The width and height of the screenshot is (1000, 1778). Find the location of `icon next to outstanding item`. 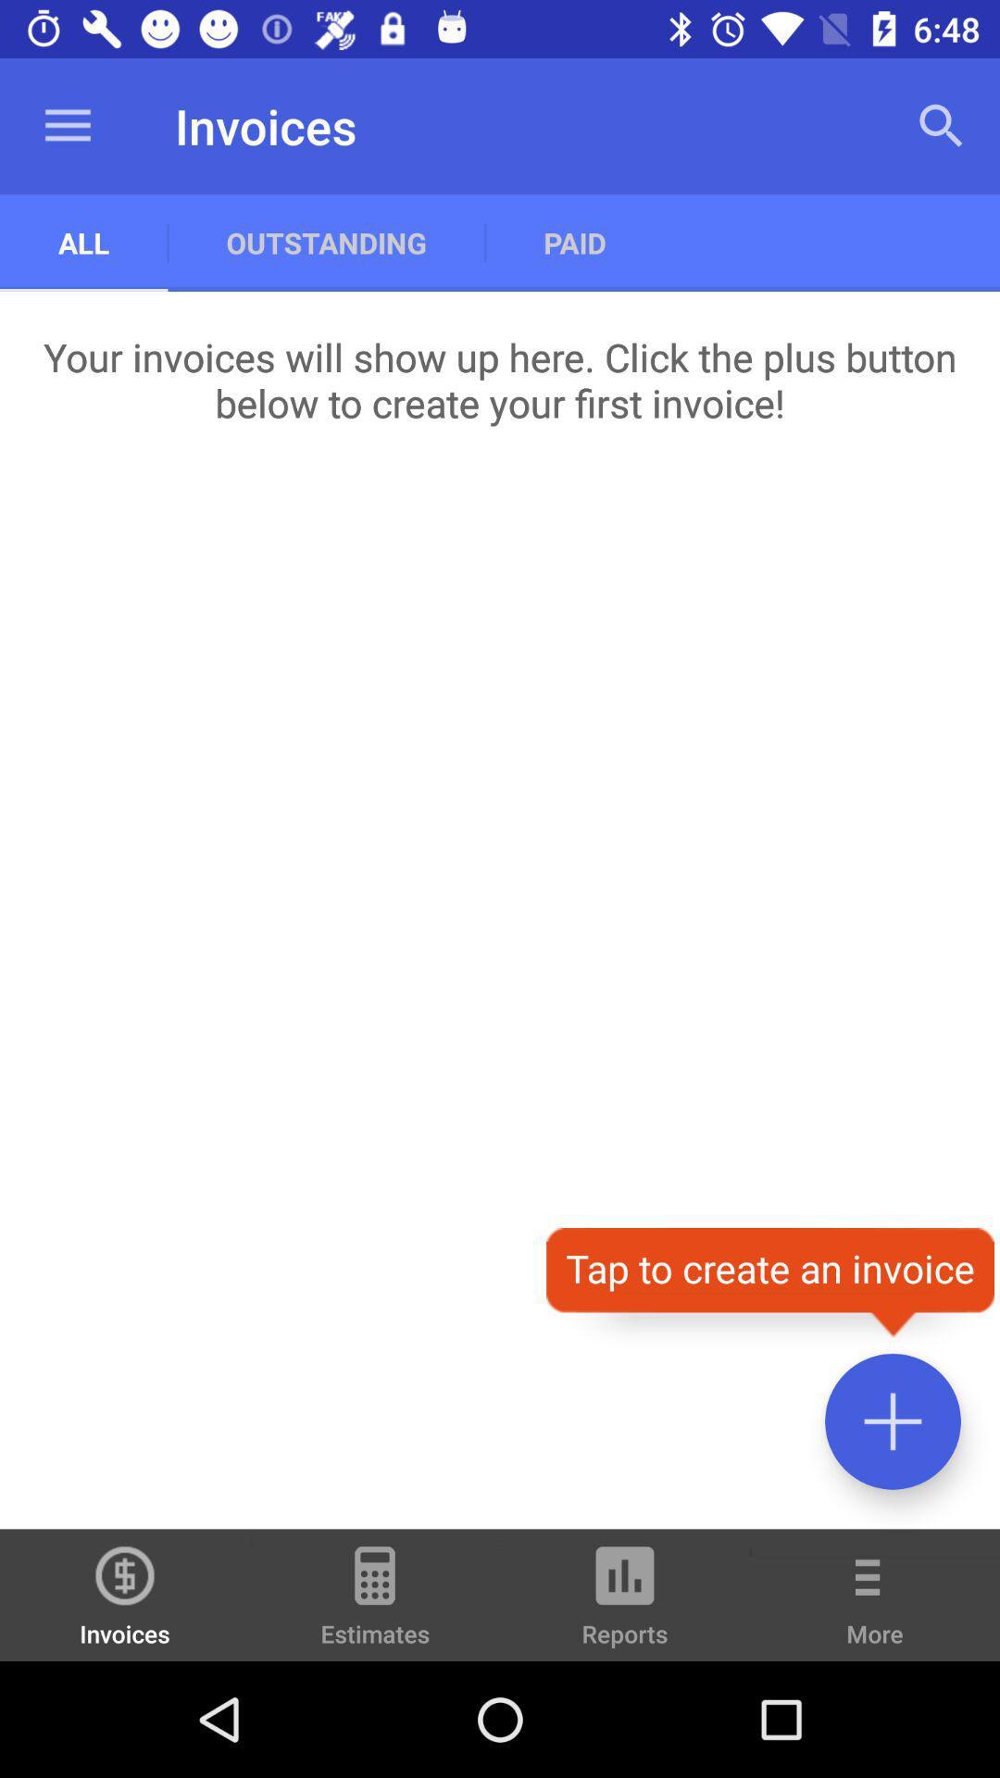

icon next to outstanding item is located at coordinates (67, 125).